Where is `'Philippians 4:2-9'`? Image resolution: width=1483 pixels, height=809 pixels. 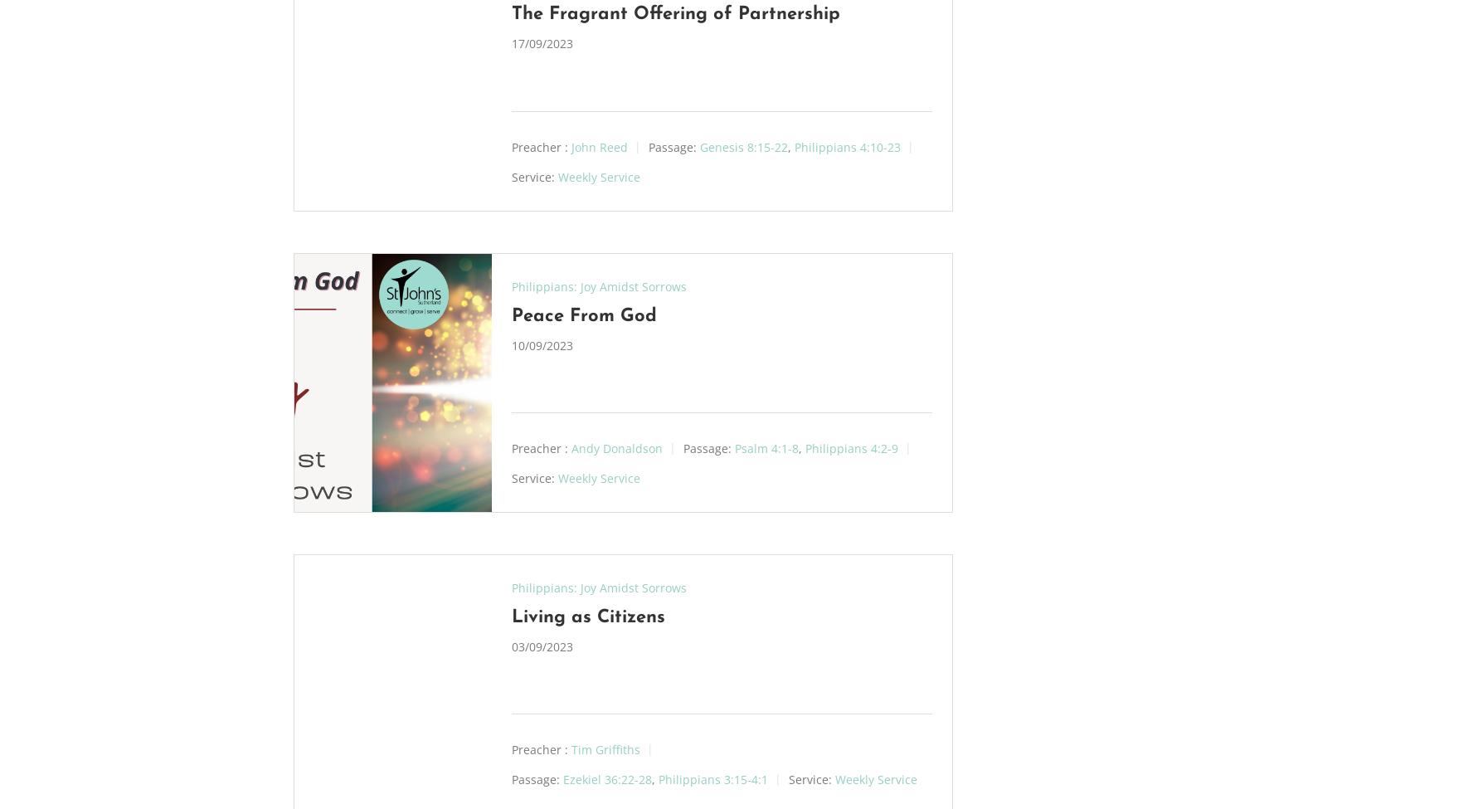 'Philippians 4:2-9' is located at coordinates (850, 447).